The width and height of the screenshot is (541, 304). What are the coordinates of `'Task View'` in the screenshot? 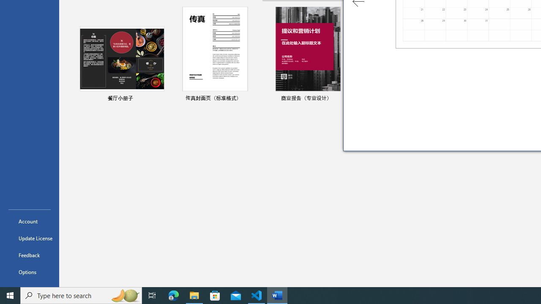 It's located at (152, 295).